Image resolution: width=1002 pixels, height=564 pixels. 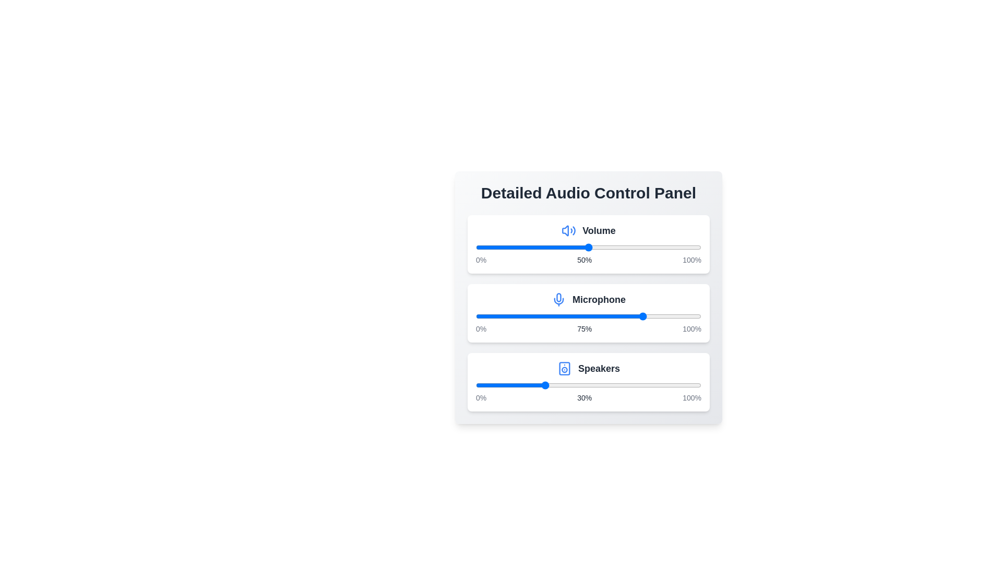 I want to click on the speaker level to 86% using the slider, so click(x=670, y=385).